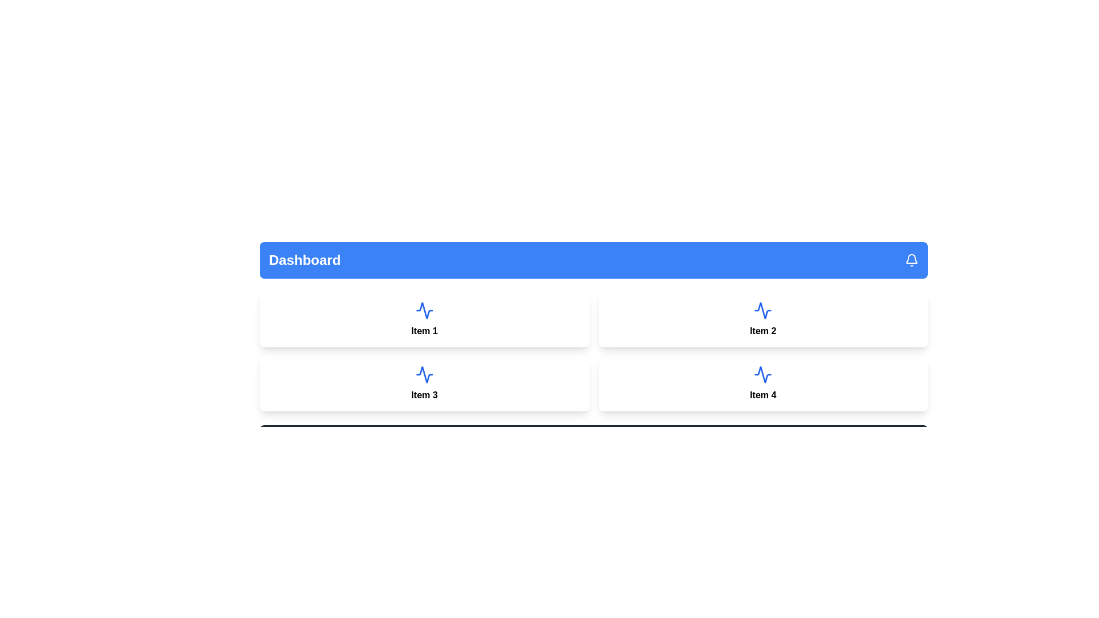 This screenshot has height=618, width=1099. What do you see at coordinates (424, 384) in the screenshot?
I see `the card with a light blue background, rounded corners, and the text 'Item 3' centered and bold, located in the bottom-left position of the grid` at bounding box center [424, 384].